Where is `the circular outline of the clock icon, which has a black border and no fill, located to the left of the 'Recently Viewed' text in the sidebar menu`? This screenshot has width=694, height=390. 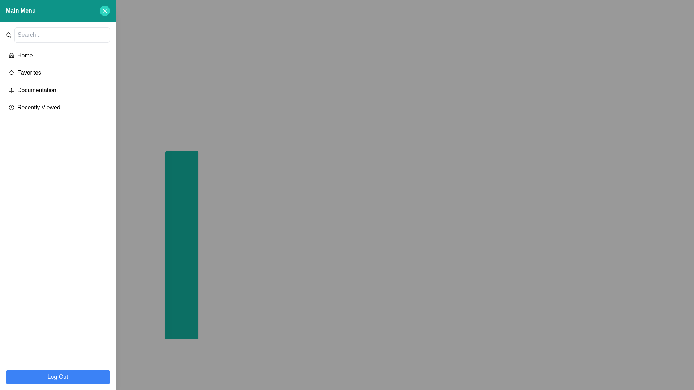 the circular outline of the clock icon, which has a black border and no fill, located to the left of the 'Recently Viewed' text in the sidebar menu is located at coordinates (12, 107).